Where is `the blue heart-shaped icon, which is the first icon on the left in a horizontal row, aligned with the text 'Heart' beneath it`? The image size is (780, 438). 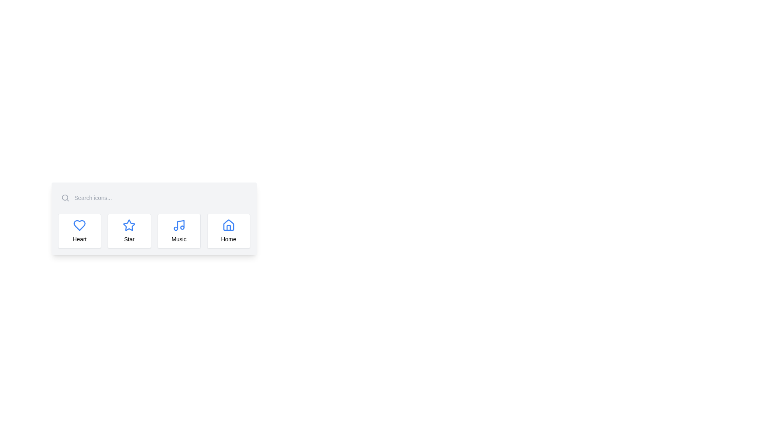 the blue heart-shaped icon, which is the first icon on the left in a horizontal row, aligned with the text 'Heart' beneath it is located at coordinates (80, 225).